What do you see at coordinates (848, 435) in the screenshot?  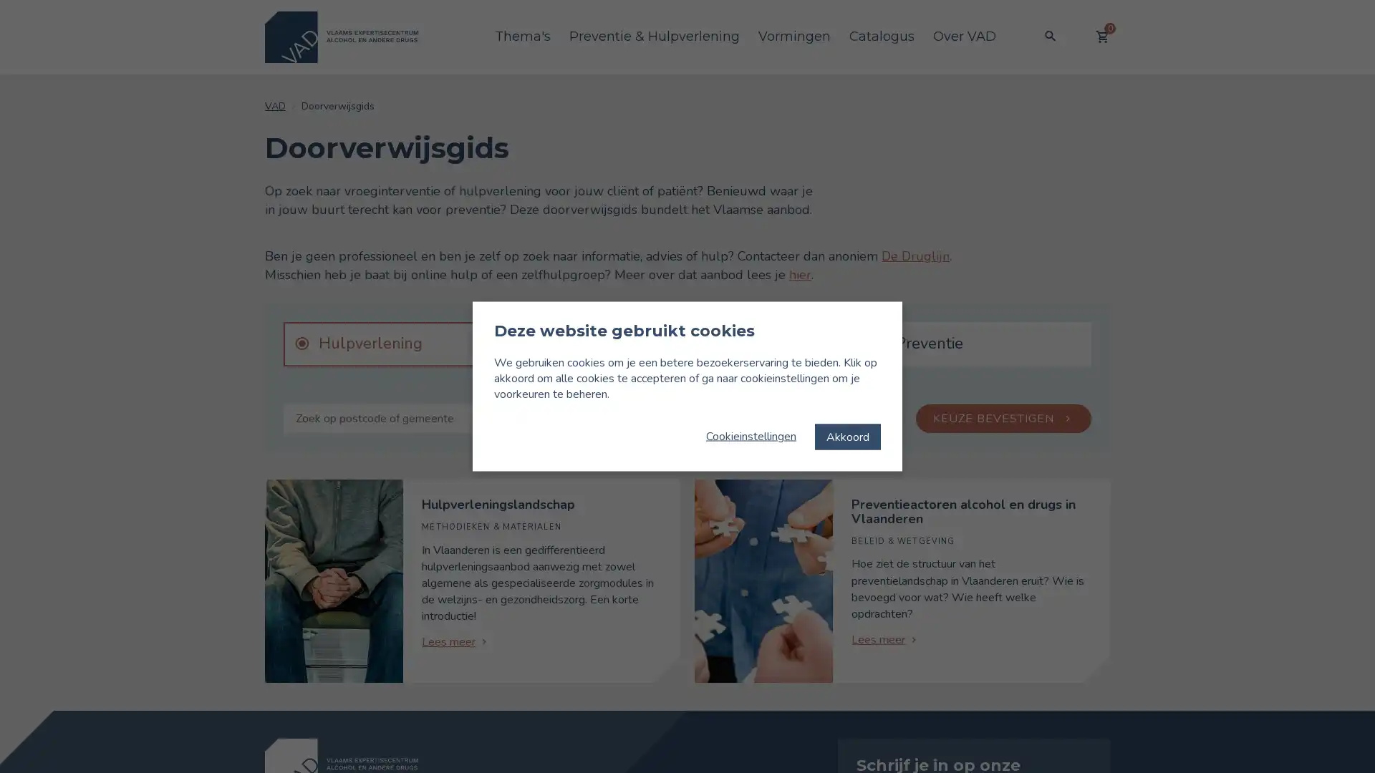 I see `Akkoord` at bounding box center [848, 435].